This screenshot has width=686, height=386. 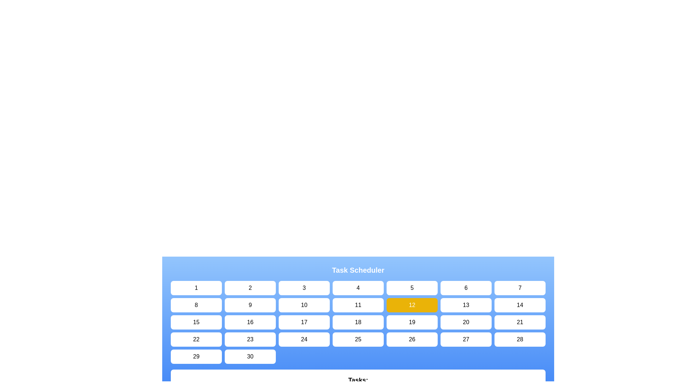 What do you see at coordinates (358, 322) in the screenshot?
I see `the button representing the numeric value '18' in the 'Task Scheduler' grid` at bounding box center [358, 322].